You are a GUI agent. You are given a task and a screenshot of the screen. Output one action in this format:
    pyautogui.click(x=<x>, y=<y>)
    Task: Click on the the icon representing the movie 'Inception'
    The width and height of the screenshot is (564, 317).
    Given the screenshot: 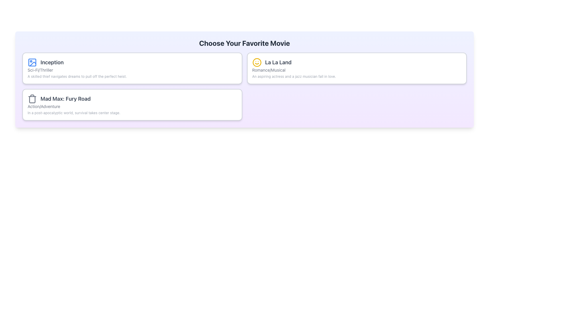 What is the action you would take?
    pyautogui.click(x=32, y=62)
    